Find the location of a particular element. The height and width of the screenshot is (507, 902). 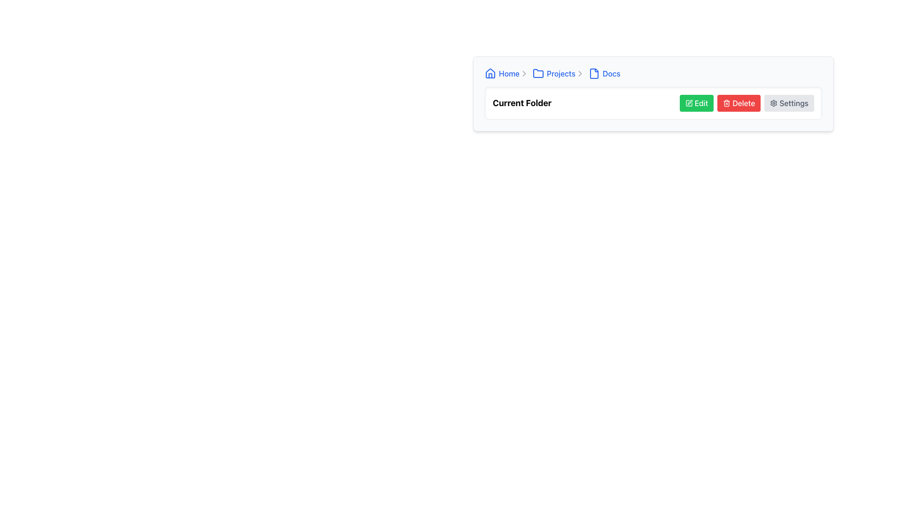

the 'Docs' text label in the breadcrumb navigation bar is located at coordinates (611, 73).